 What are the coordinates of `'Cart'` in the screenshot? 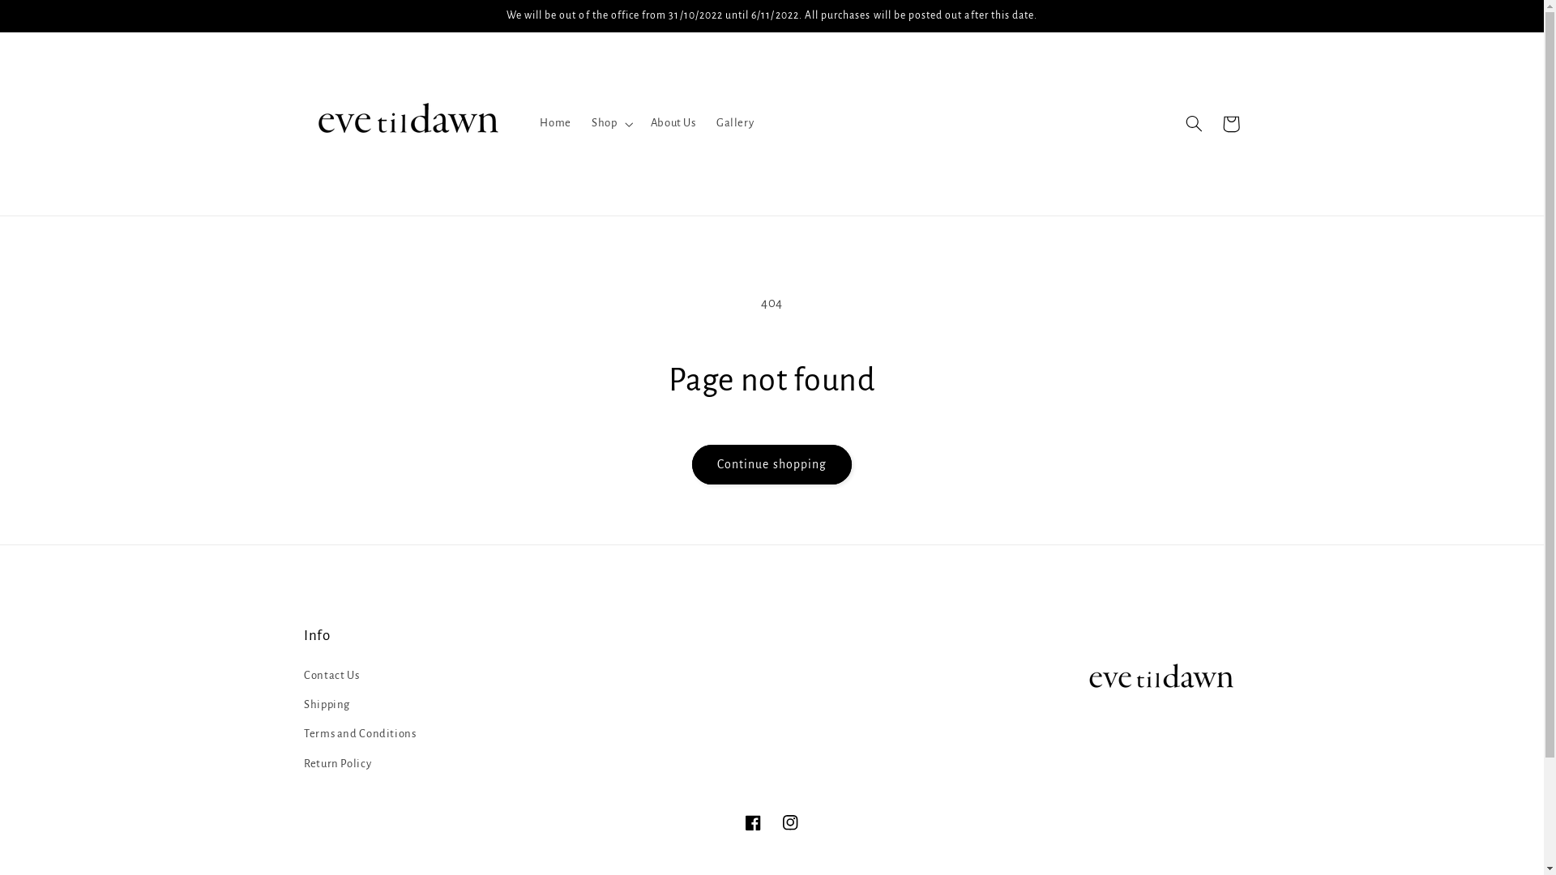 It's located at (1230, 123).